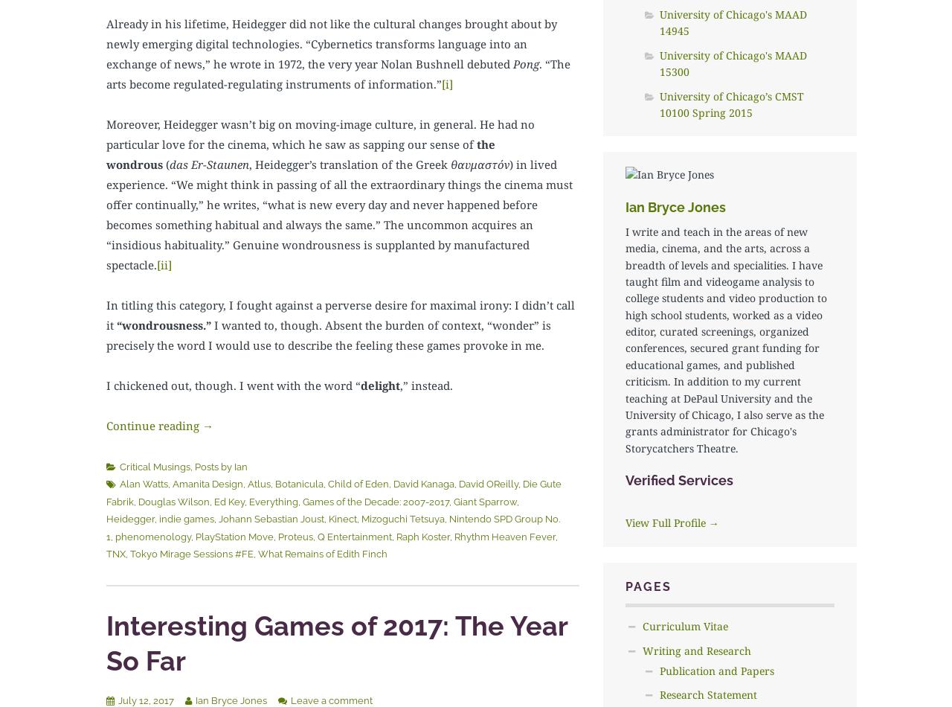  What do you see at coordinates (319, 133) in the screenshot?
I see `'Moreover, Heidegger wasn’t big on moving-image culture, in general. He had no particular love for the cinema, which he saw as sapping our sense of'` at bounding box center [319, 133].